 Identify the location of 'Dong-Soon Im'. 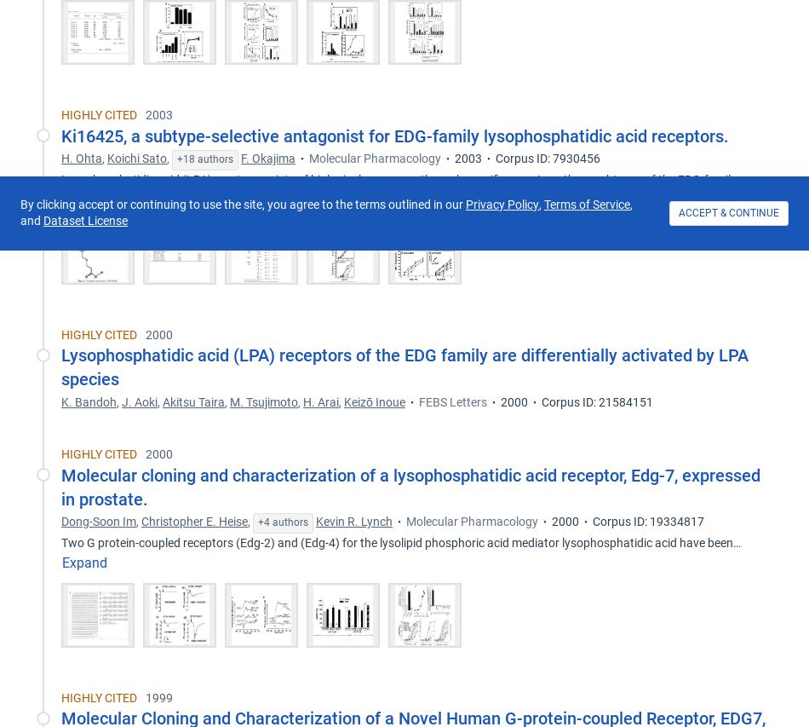
(98, 521).